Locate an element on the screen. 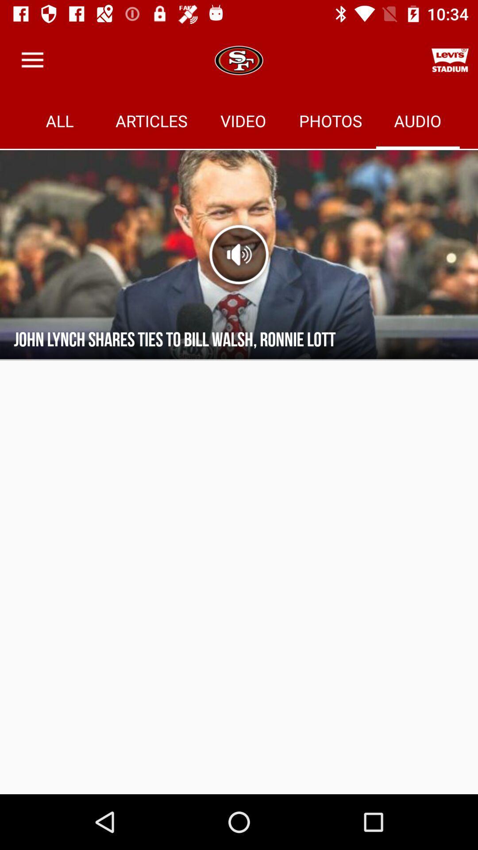  icon above all item is located at coordinates (32, 60).